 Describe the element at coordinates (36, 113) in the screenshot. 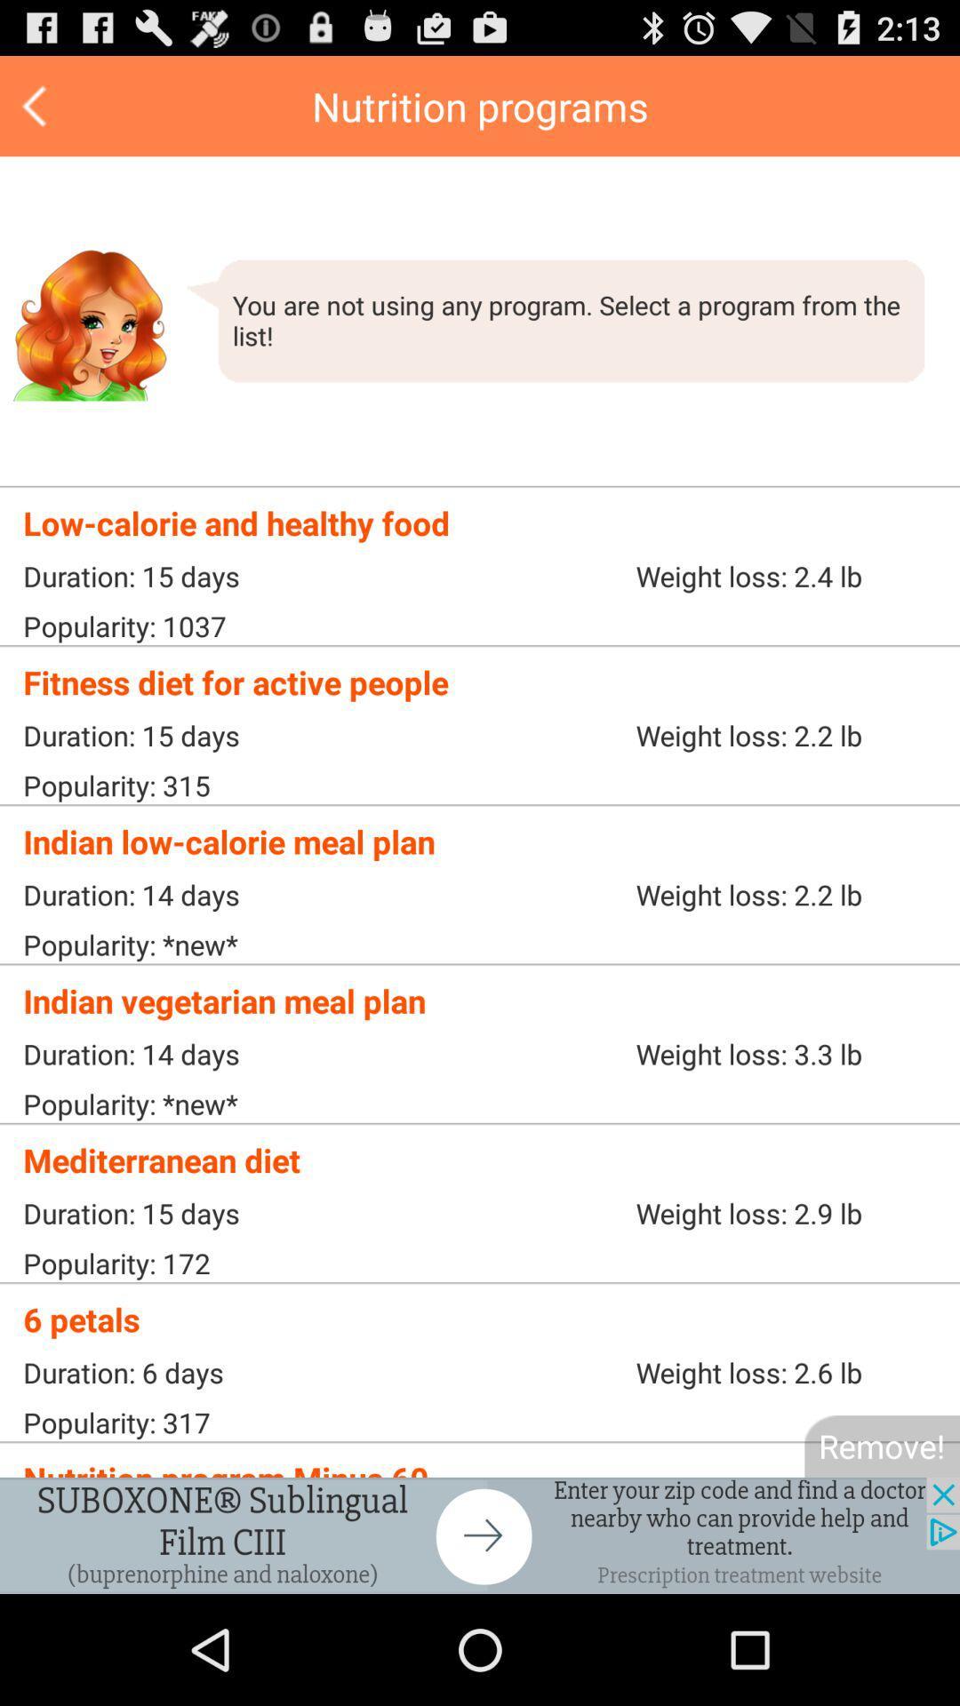

I see `the arrow_backward icon` at that location.